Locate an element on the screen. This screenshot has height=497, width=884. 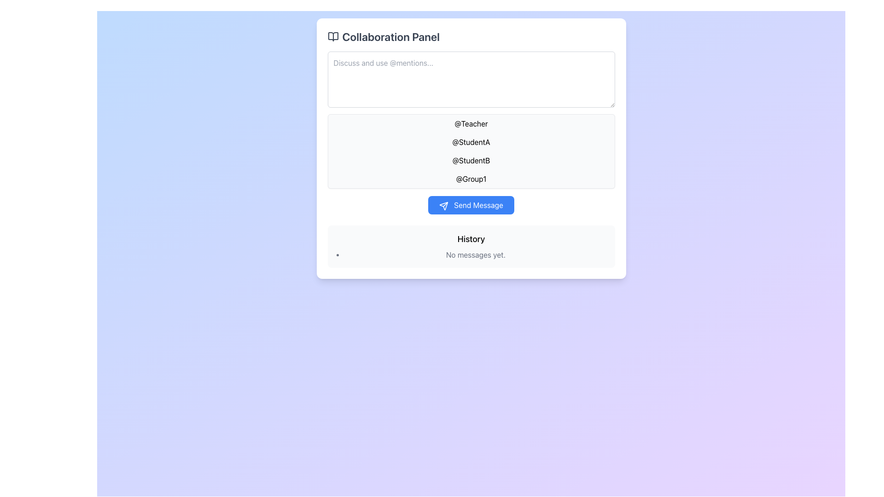
the 'History' heading which is bold and centrally aligned, indicating the history section of the interface is located at coordinates (471, 239).